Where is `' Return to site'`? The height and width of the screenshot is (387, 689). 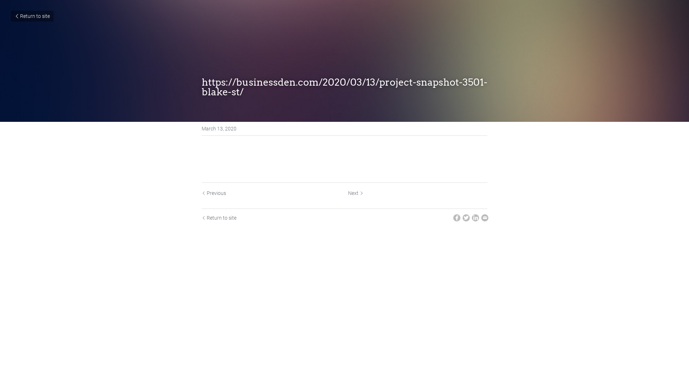 ' Return to site' is located at coordinates (219, 218).